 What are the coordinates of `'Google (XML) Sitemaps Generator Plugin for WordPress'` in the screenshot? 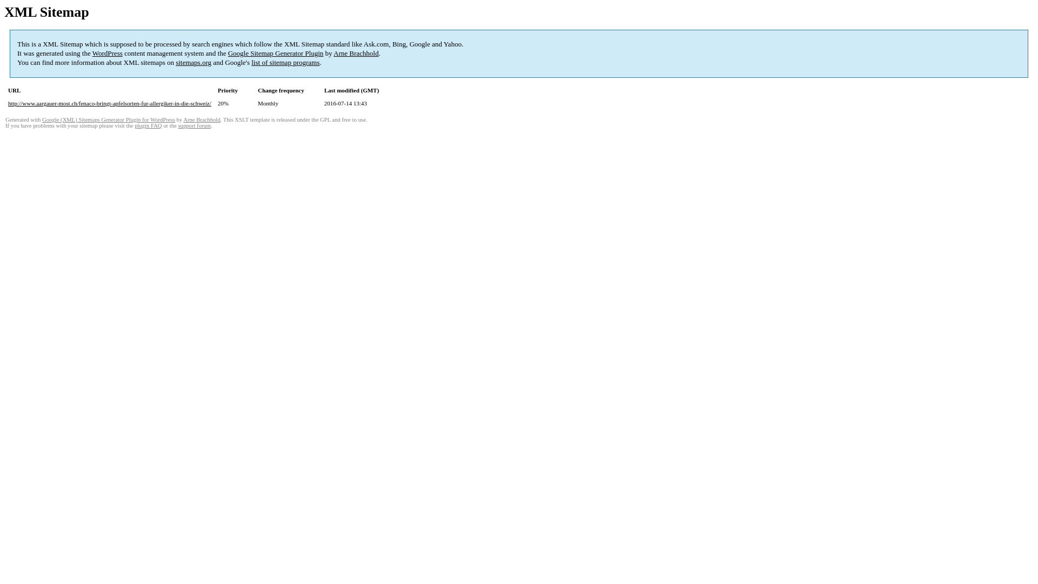 It's located at (109, 120).